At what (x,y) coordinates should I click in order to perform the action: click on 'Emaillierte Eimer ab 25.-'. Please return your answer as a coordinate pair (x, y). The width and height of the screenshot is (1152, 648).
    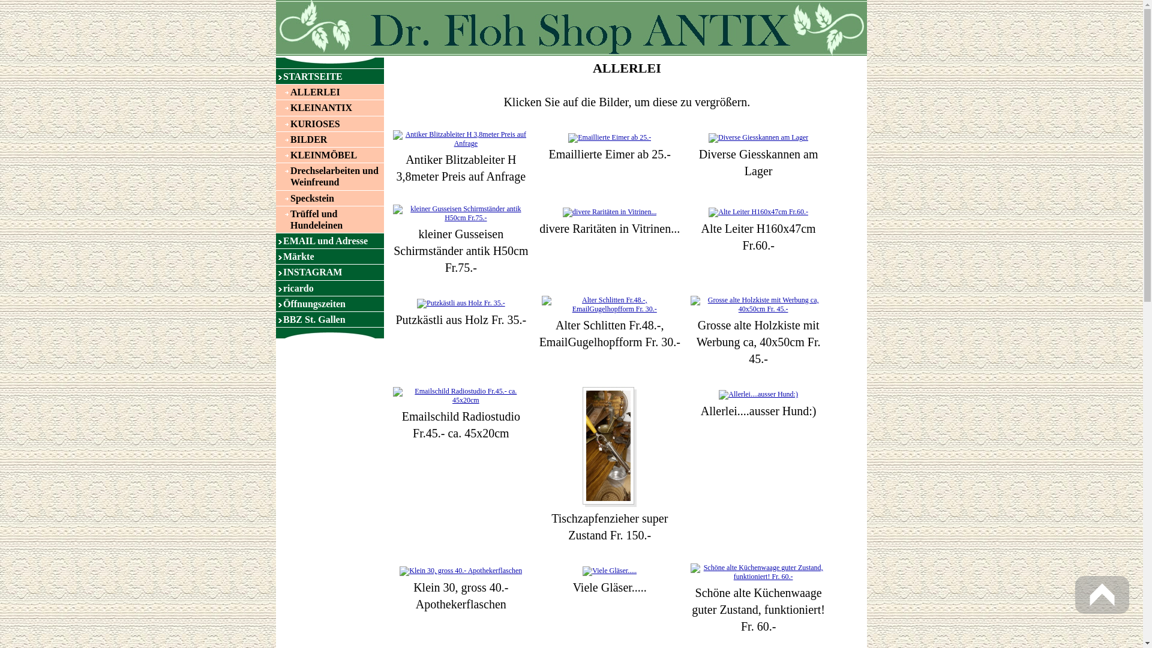
    Looking at the image, I should click on (610, 137).